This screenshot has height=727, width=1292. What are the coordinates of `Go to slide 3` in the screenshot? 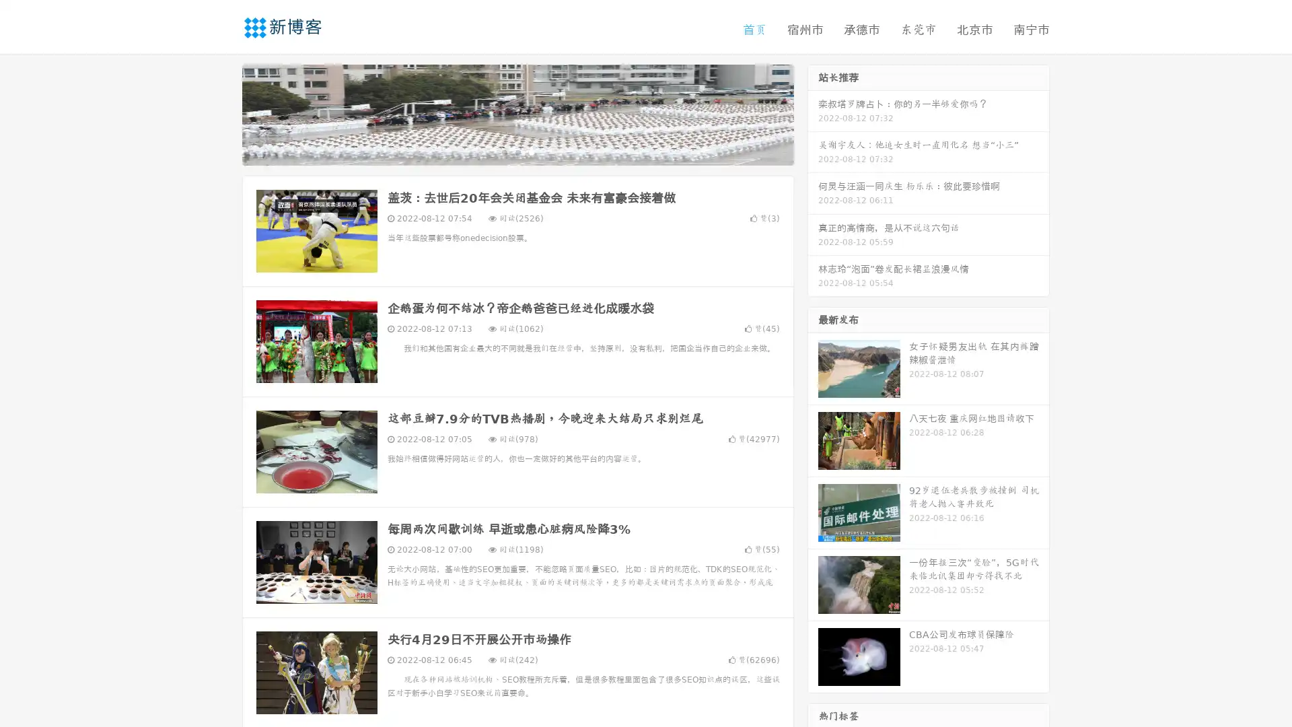 It's located at (531, 151).